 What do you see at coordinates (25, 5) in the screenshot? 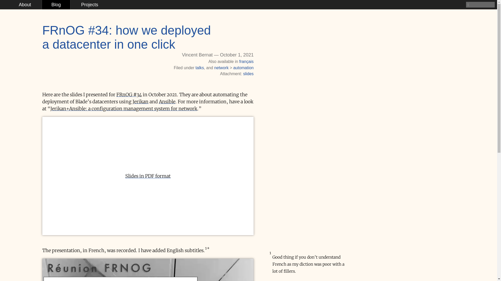
I see `'About'` at bounding box center [25, 5].